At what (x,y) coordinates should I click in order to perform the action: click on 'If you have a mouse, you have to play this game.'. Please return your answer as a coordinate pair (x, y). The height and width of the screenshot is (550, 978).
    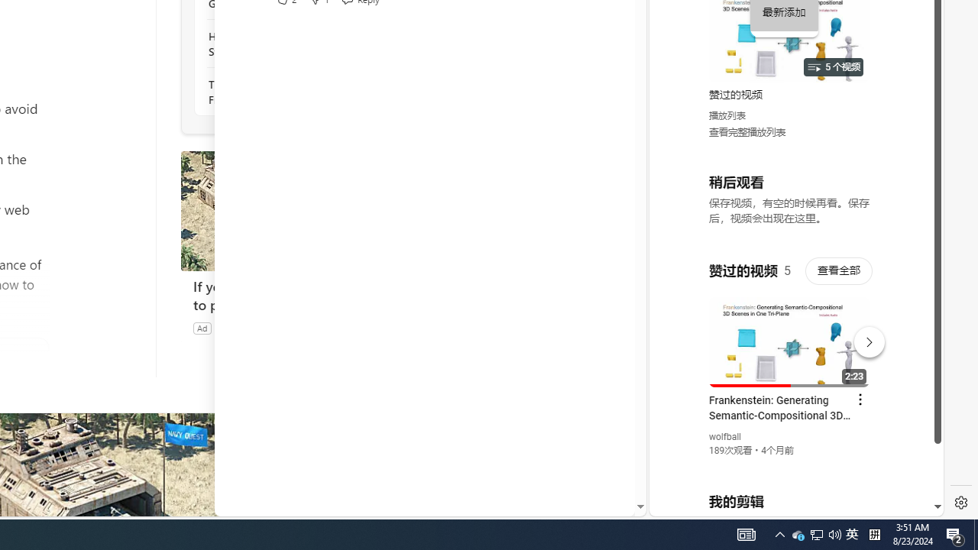
    Looking at the image, I should click on (295, 296).